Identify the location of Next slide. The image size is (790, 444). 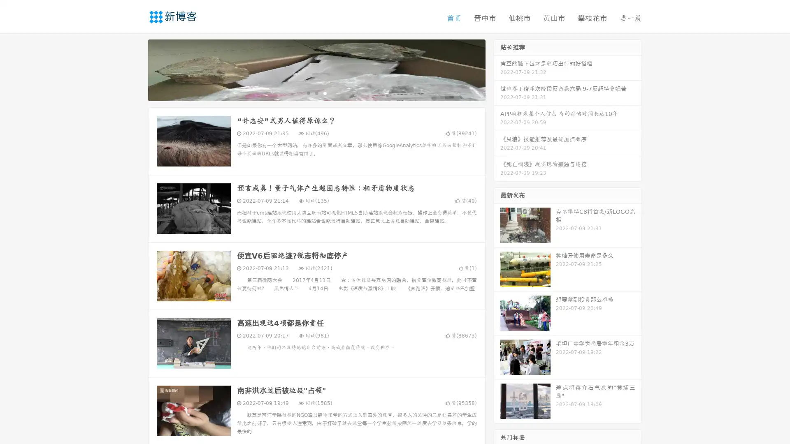
(497, 69).